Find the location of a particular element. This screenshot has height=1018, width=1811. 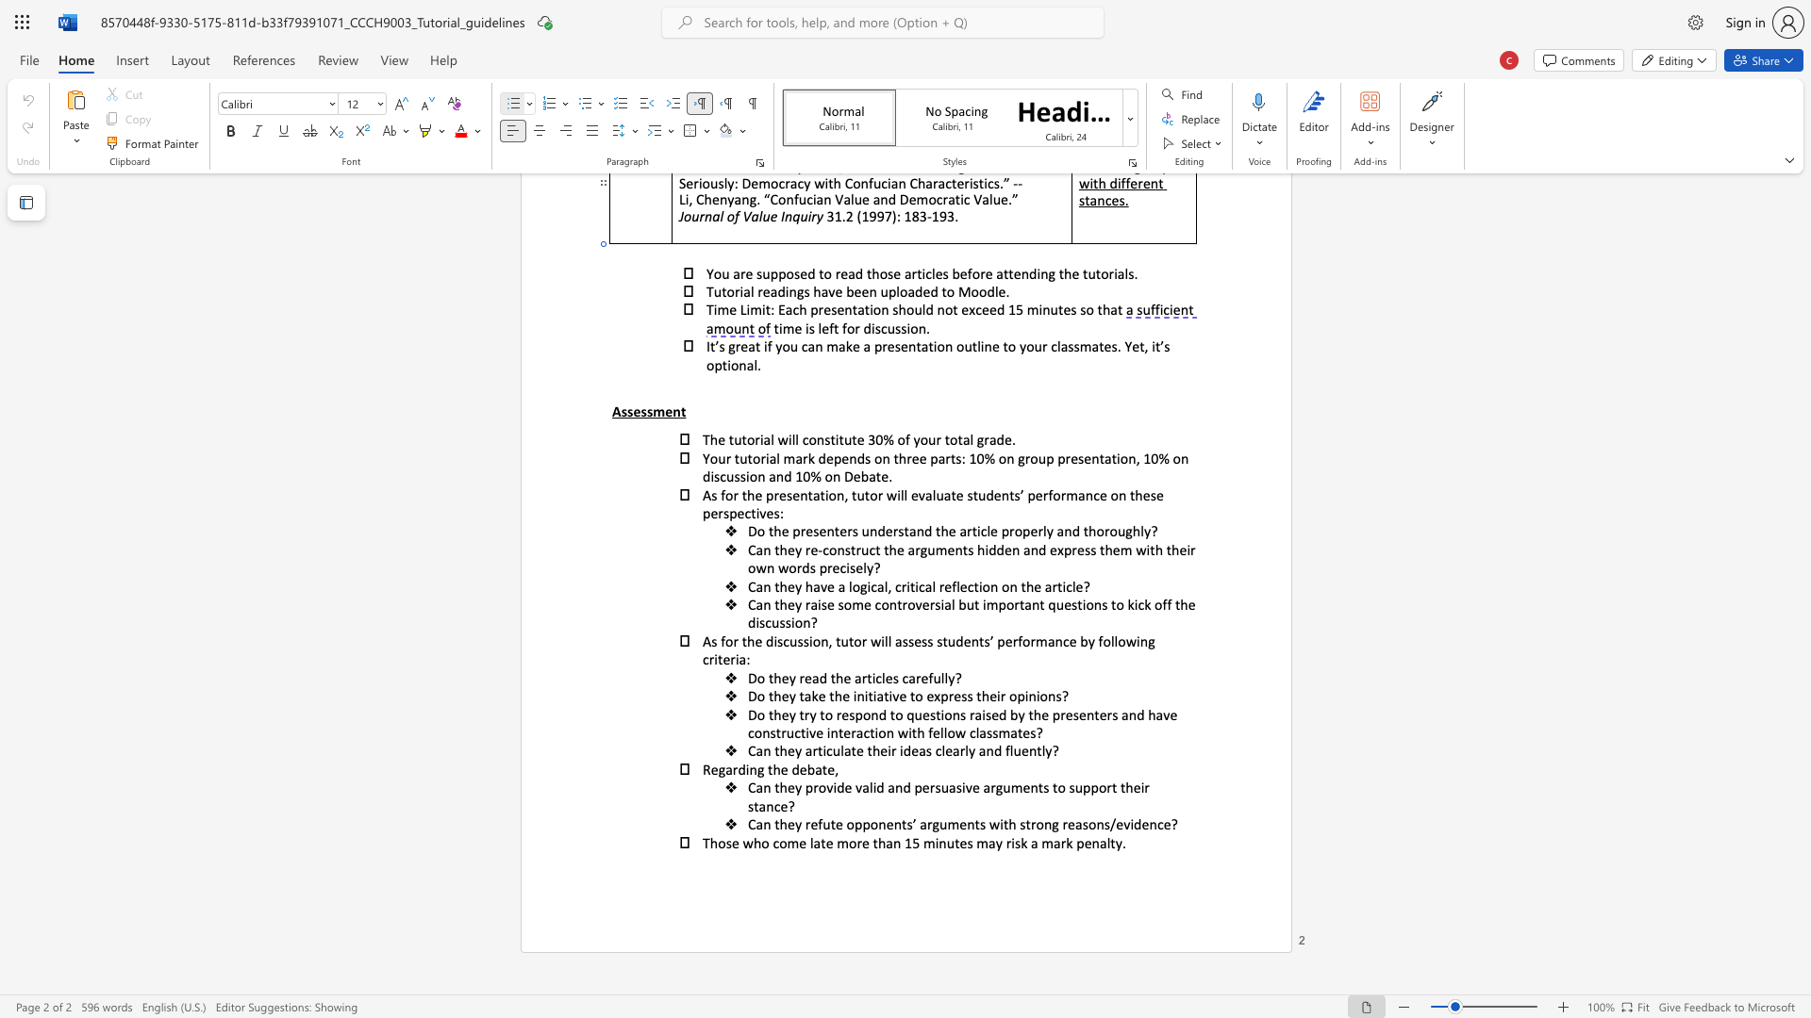

the 2th character "t" in the text is located at coordinates (1039, 787).